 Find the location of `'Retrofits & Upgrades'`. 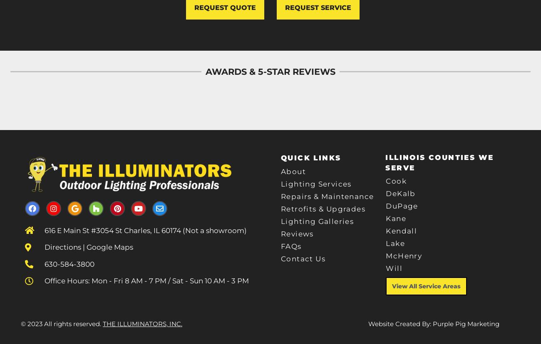

'Retrofits & Upgrades' is located at coordinates (323, 209).